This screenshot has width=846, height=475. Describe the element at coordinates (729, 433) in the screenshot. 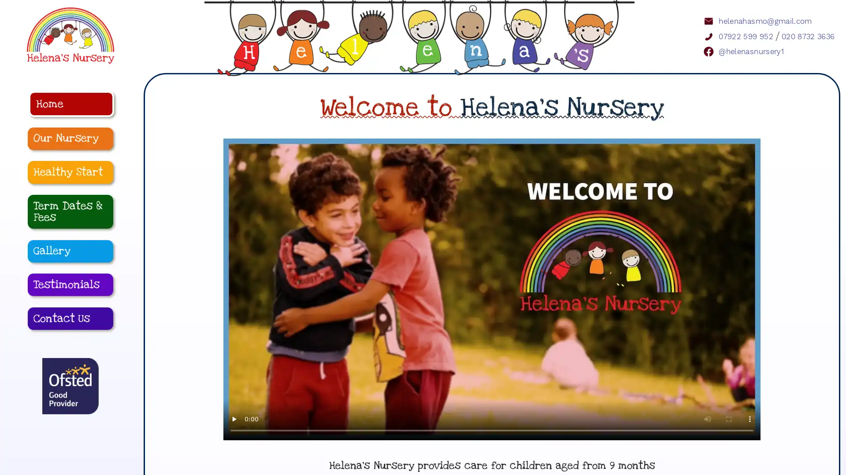

I see `enter full screen` at that location.